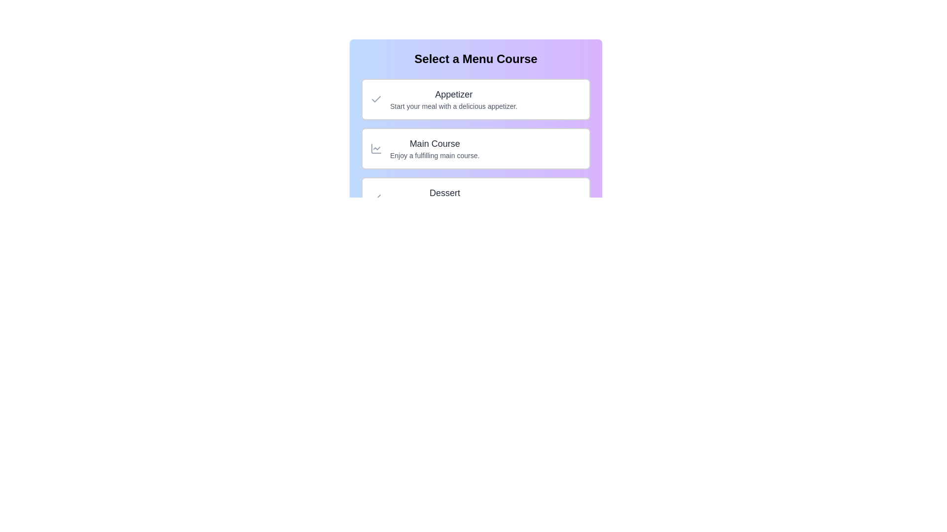  Describe the element at coordinates (444, 198) in the screenshot. I see `text information displayed for the menu course named 'Dessert', which is the third item in a vertical list of menu options` at that location.